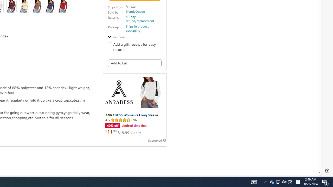 The height and width of the screenshot is (187, 333). I want to click on 'Ships in product packaging', so click(143, 29).